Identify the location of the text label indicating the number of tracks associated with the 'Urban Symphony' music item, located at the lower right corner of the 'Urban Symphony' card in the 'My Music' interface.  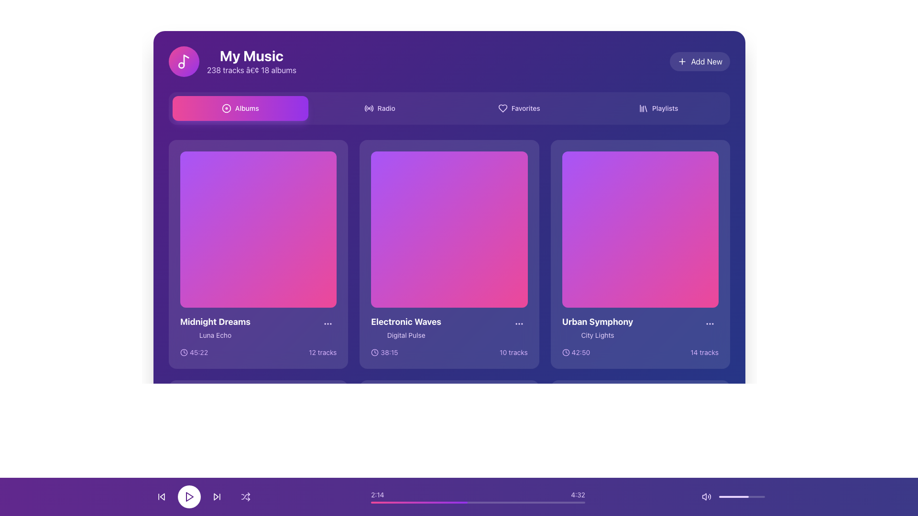
(704, 353).